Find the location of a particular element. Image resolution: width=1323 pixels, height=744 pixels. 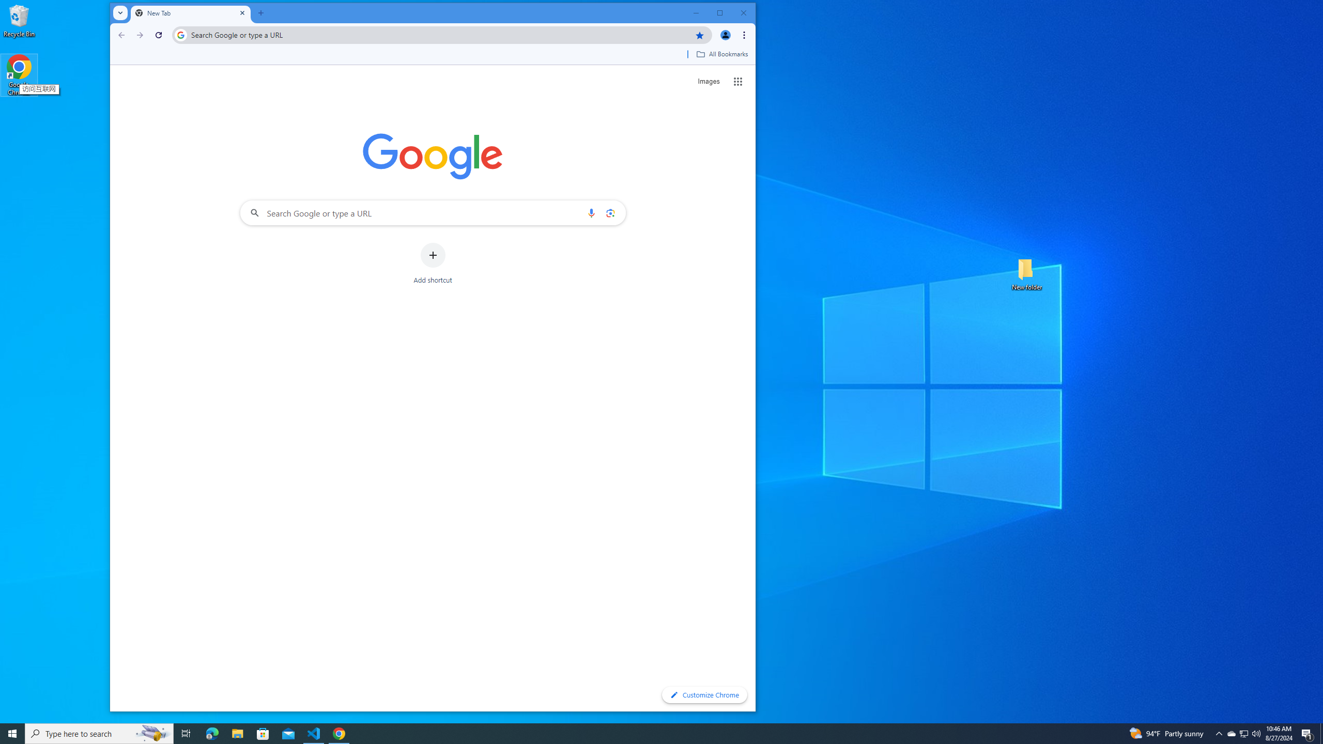

'Recycle Bin' is located at coordinates (19, 20).